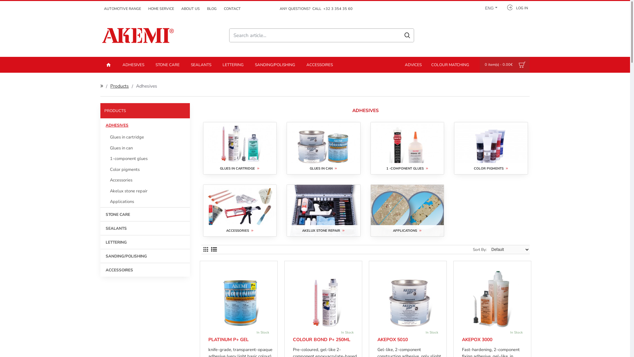  I want to click on 'AKEPOX 5010', so click(377, 340).